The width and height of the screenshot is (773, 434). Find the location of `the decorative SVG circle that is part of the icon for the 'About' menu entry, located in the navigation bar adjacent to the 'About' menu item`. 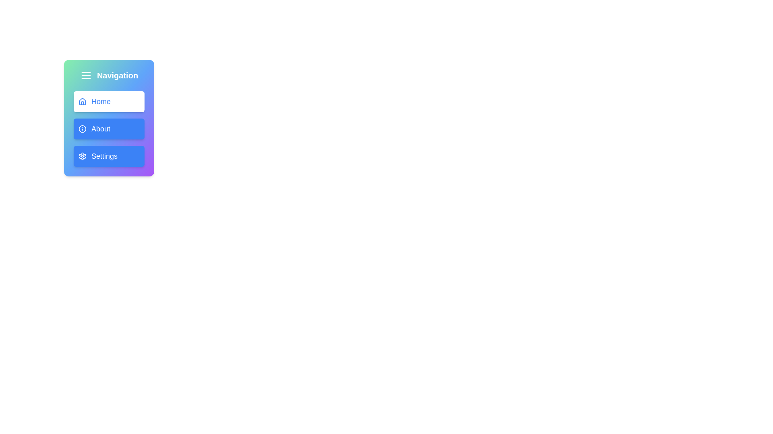

the decorative SVG circle that is part of the icon for the 'About' menu entry, located in the navigation bar adjacent to the 'About' menu item is located at coordinates (83, 128).